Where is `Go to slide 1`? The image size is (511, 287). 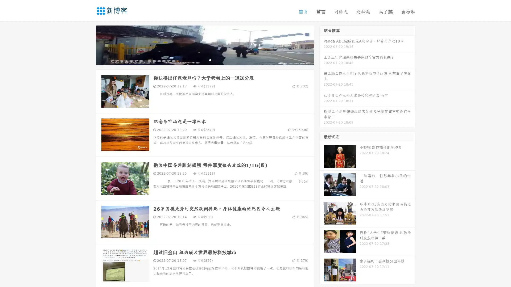
Go to slide 1 is located at coordinates (199, 60).